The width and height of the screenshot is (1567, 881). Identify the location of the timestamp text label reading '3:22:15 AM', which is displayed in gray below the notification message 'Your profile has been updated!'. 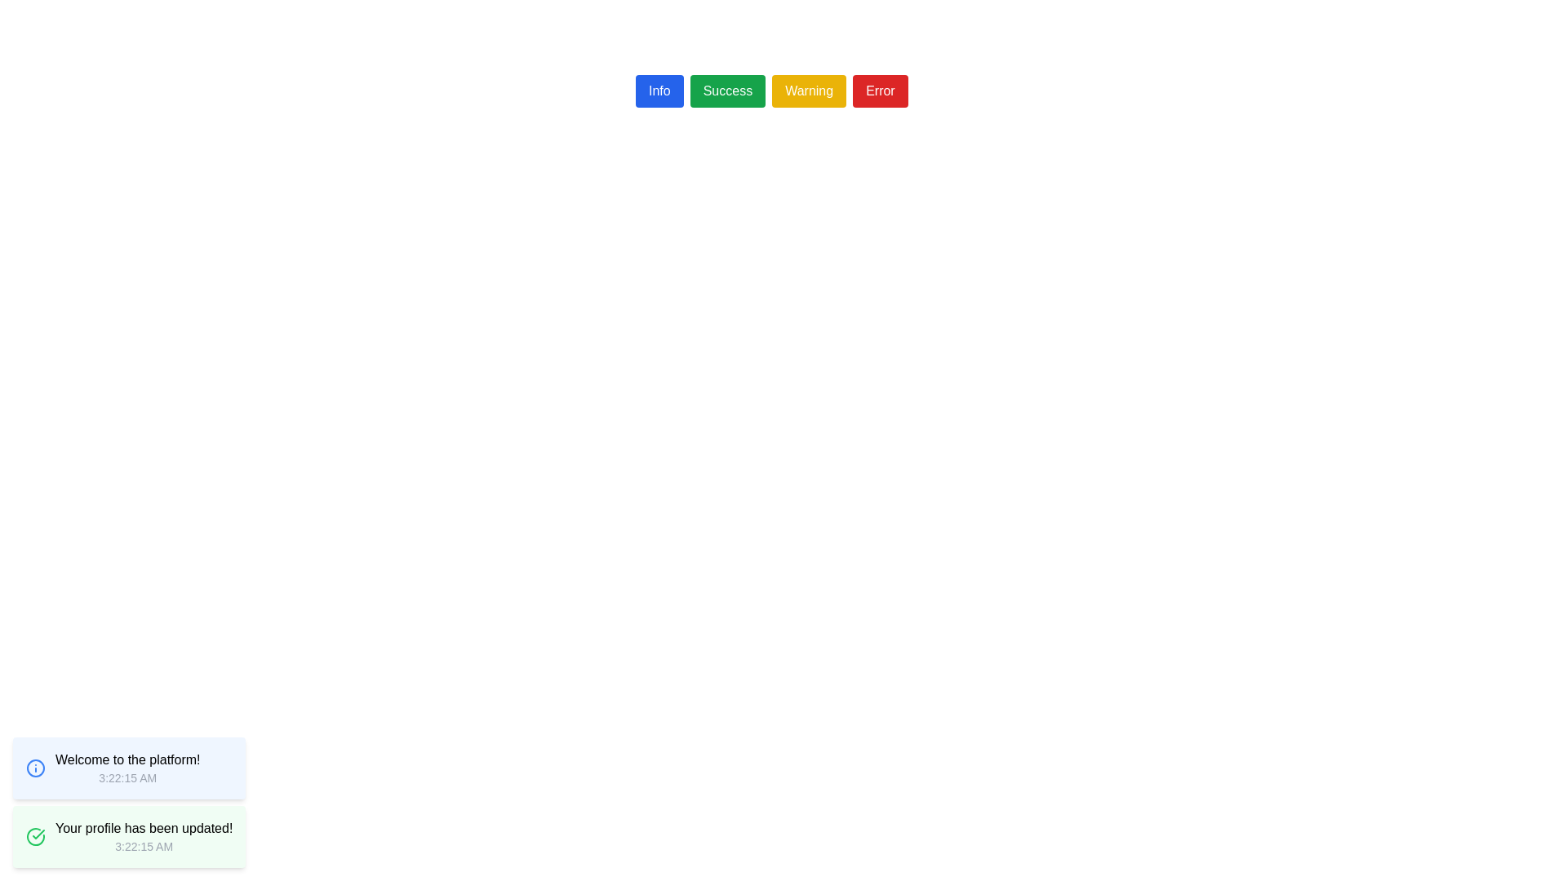
(144, 845).